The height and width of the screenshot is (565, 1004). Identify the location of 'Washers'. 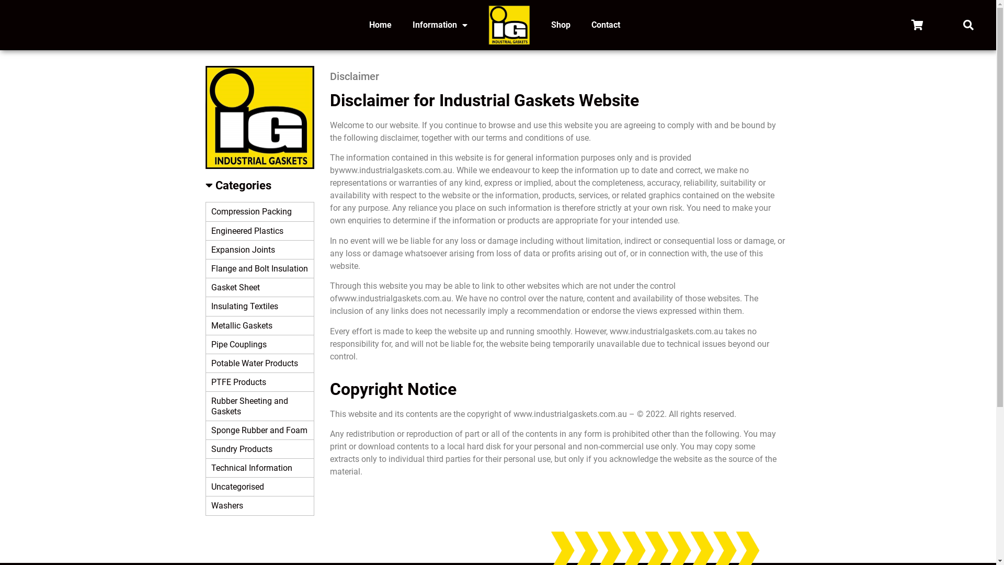
(206, 505).